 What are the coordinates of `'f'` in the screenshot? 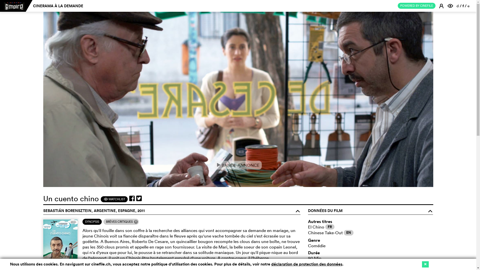 It's located at (463, 6).